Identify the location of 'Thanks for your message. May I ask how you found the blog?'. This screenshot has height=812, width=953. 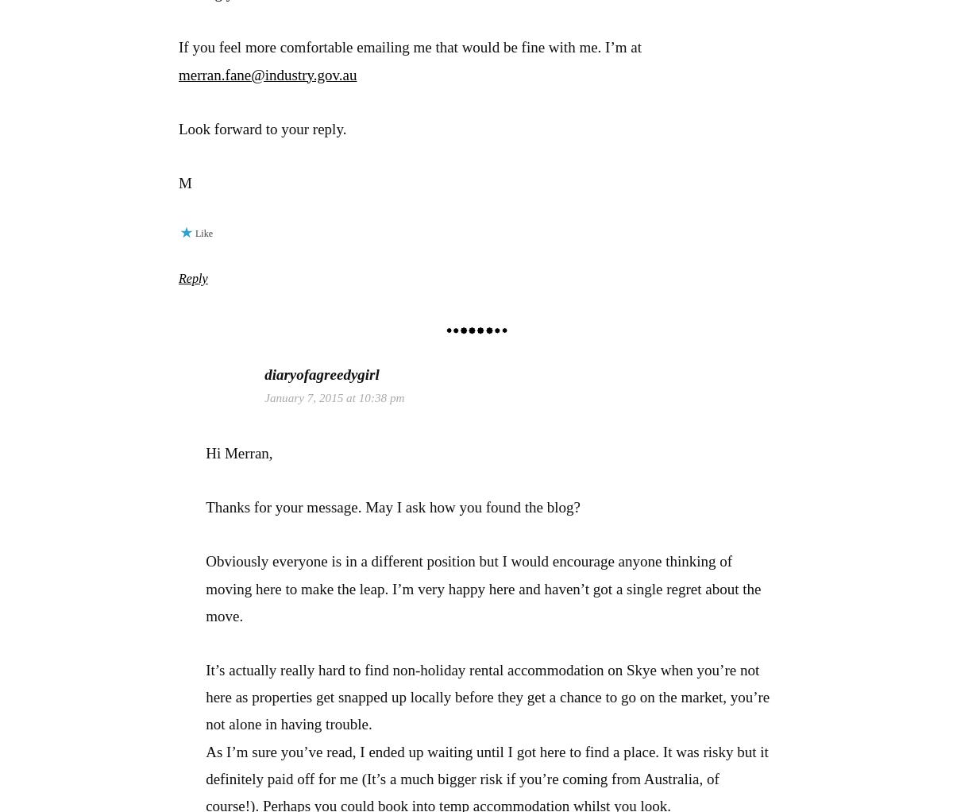
(392, 506).